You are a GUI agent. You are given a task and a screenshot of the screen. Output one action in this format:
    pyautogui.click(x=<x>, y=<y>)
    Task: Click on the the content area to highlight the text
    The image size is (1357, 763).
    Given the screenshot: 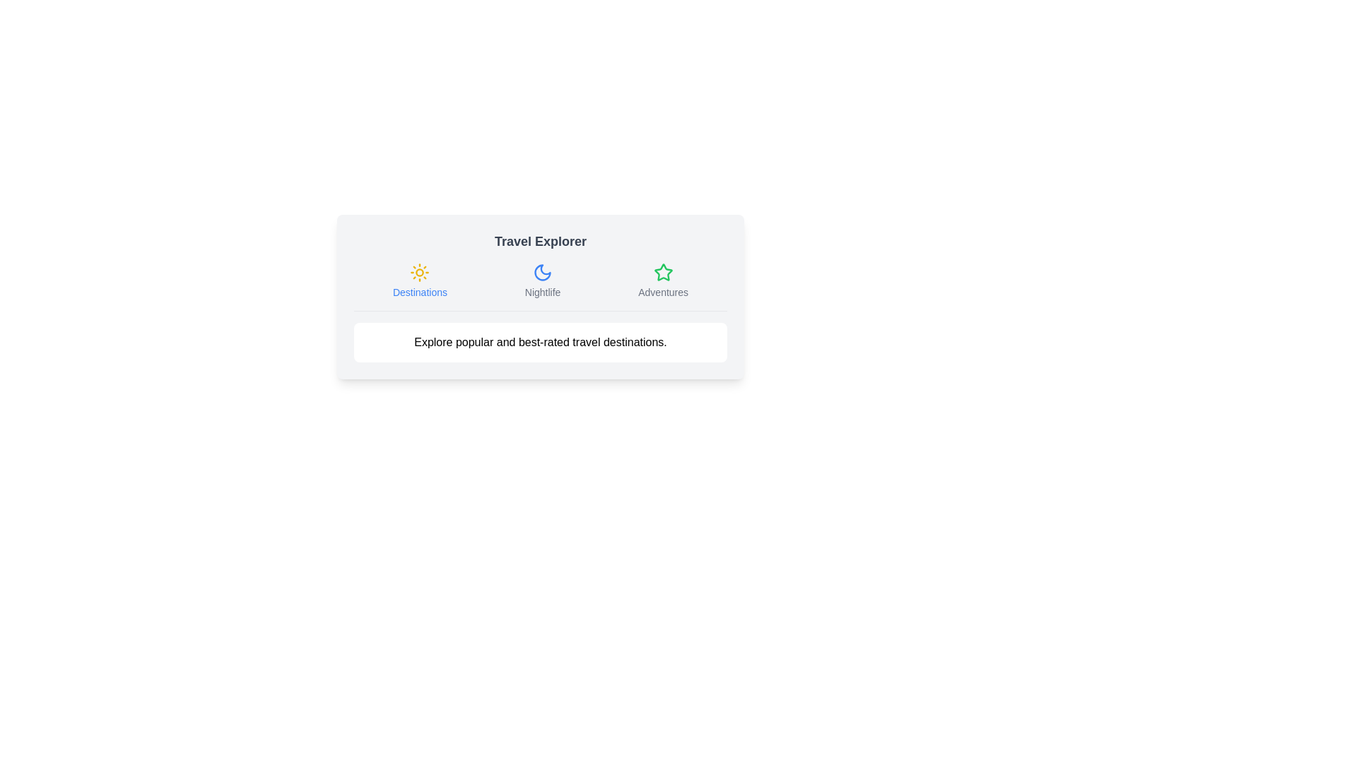 What is the action you would take?
    pyautogui.click(x=539, y=343)
    